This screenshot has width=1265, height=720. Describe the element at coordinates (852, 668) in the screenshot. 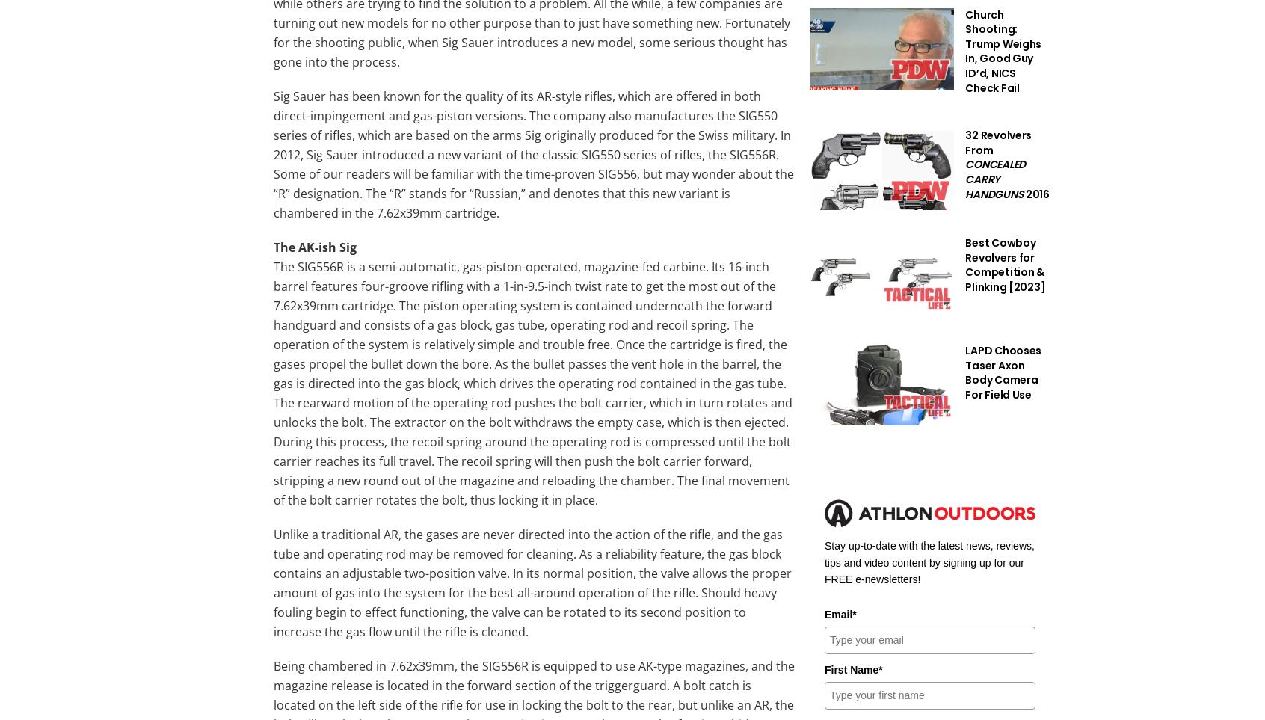

I see `'First Name*'` at that location.